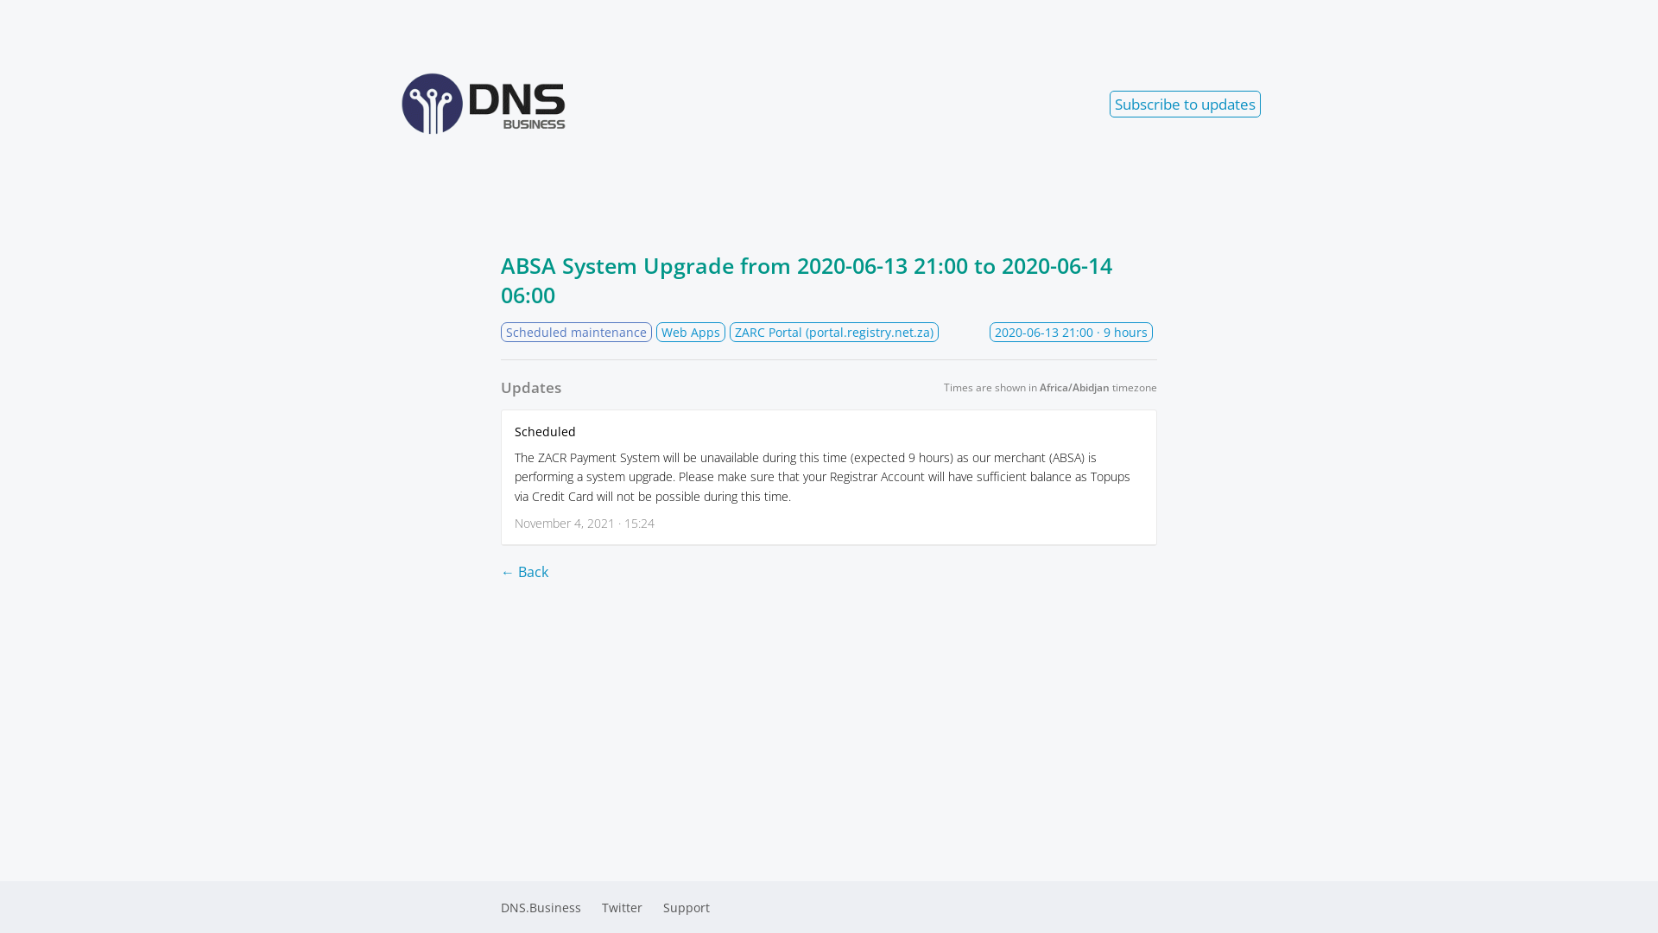 This screenshot has width=1658, height=933. What do you see at coordinates (686, 905) in the screenshot?
I see `'Support'` at bounding box center [686, 905].